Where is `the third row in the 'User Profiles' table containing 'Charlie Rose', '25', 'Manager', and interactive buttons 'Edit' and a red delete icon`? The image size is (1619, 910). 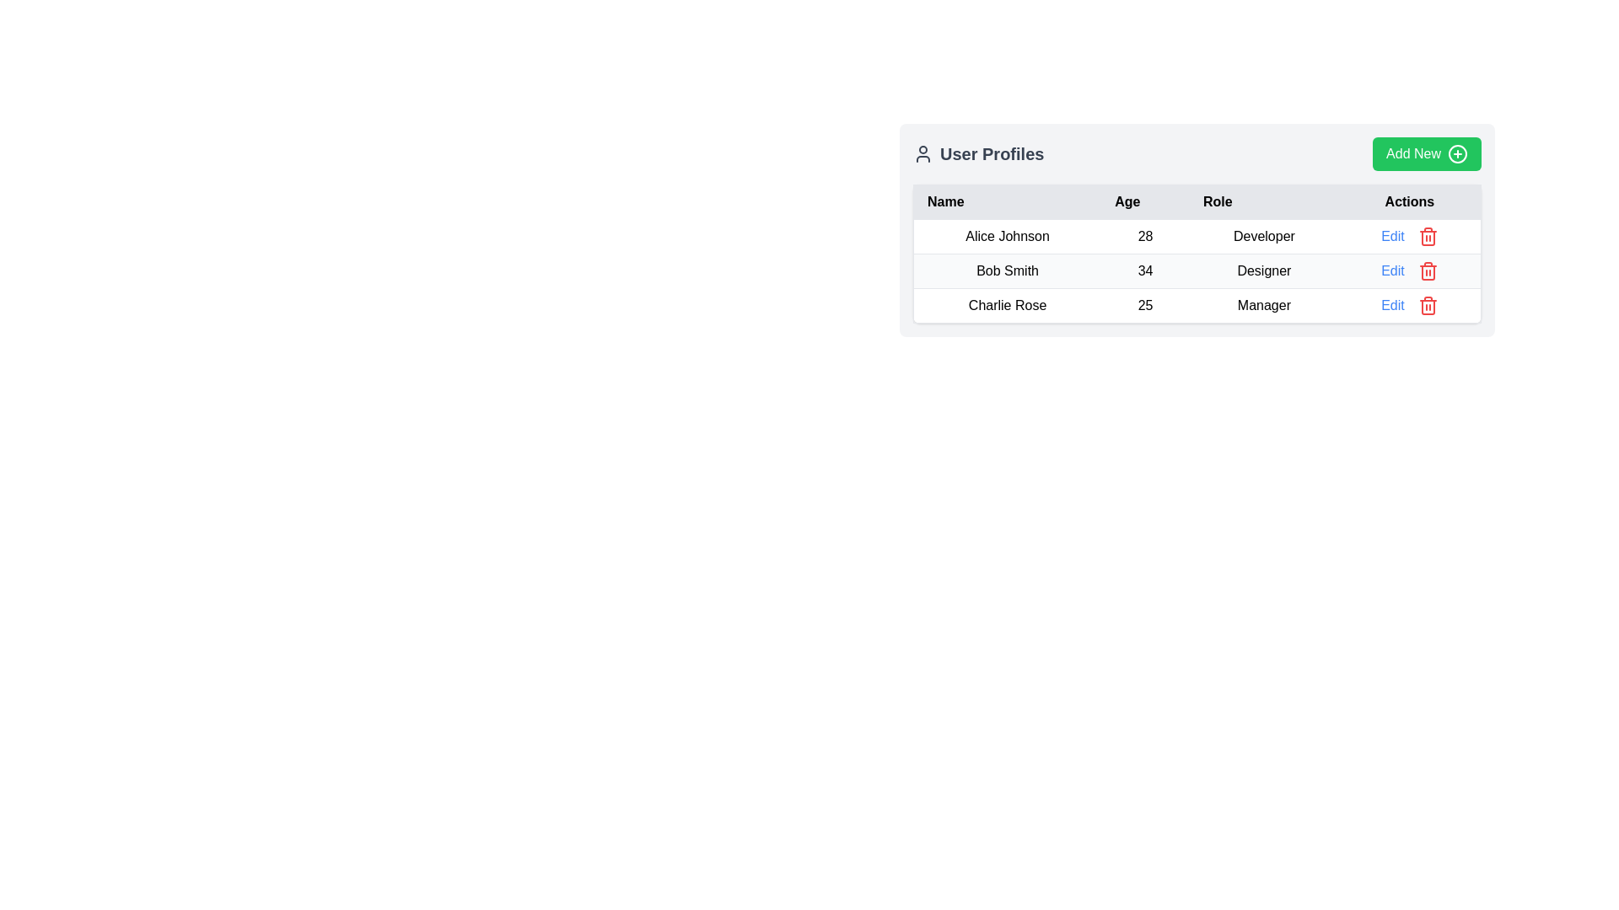
the third row in the 'User Profiles' table containing 'Charlie Rose', '25', 'Manager', and interactive buttons 'Edit' and a red delete icon is located at coordinates (1197, 305).